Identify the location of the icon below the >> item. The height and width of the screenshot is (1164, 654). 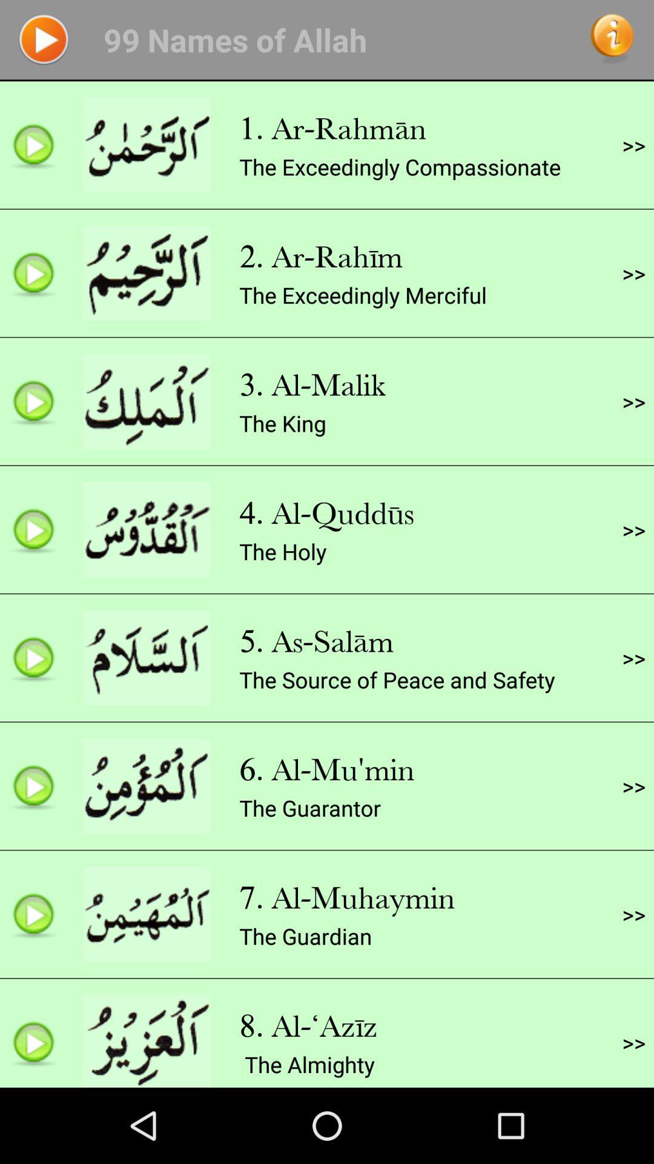
(633, 272).